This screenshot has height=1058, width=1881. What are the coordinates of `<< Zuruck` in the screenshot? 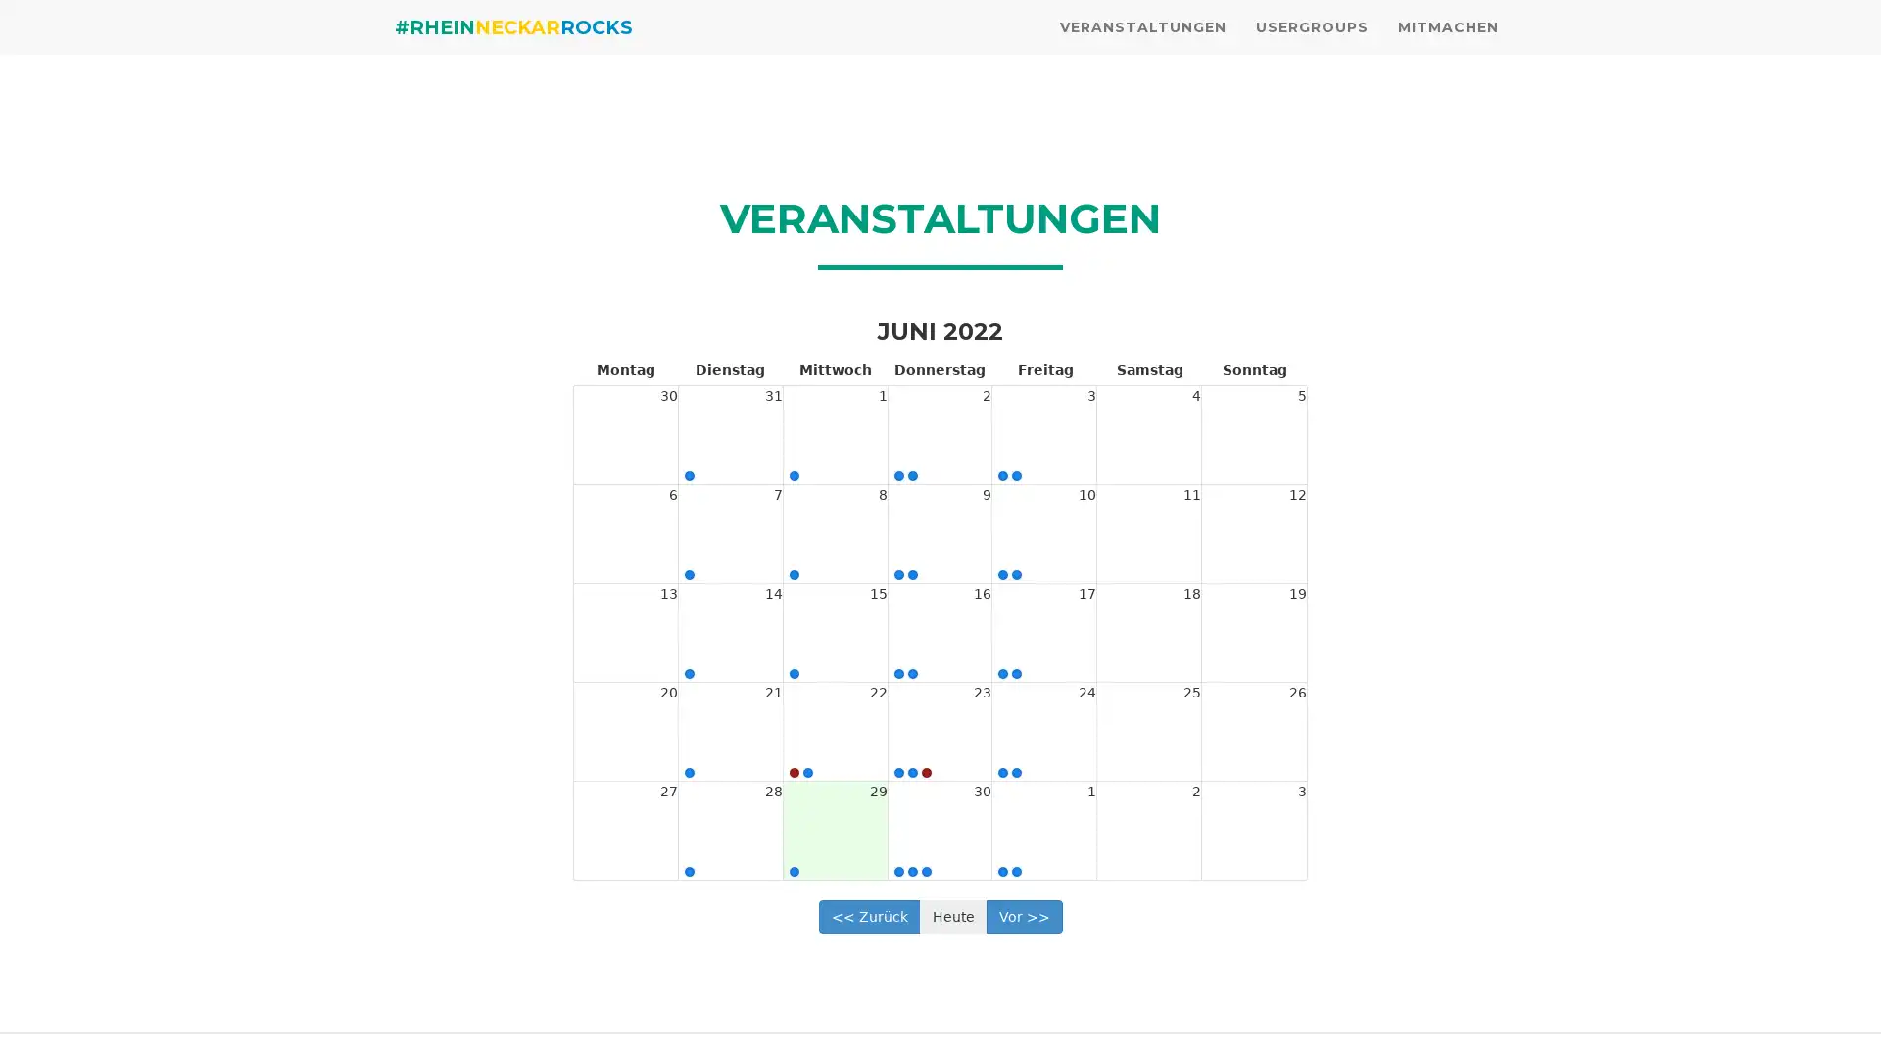 It's located at (868, 915).